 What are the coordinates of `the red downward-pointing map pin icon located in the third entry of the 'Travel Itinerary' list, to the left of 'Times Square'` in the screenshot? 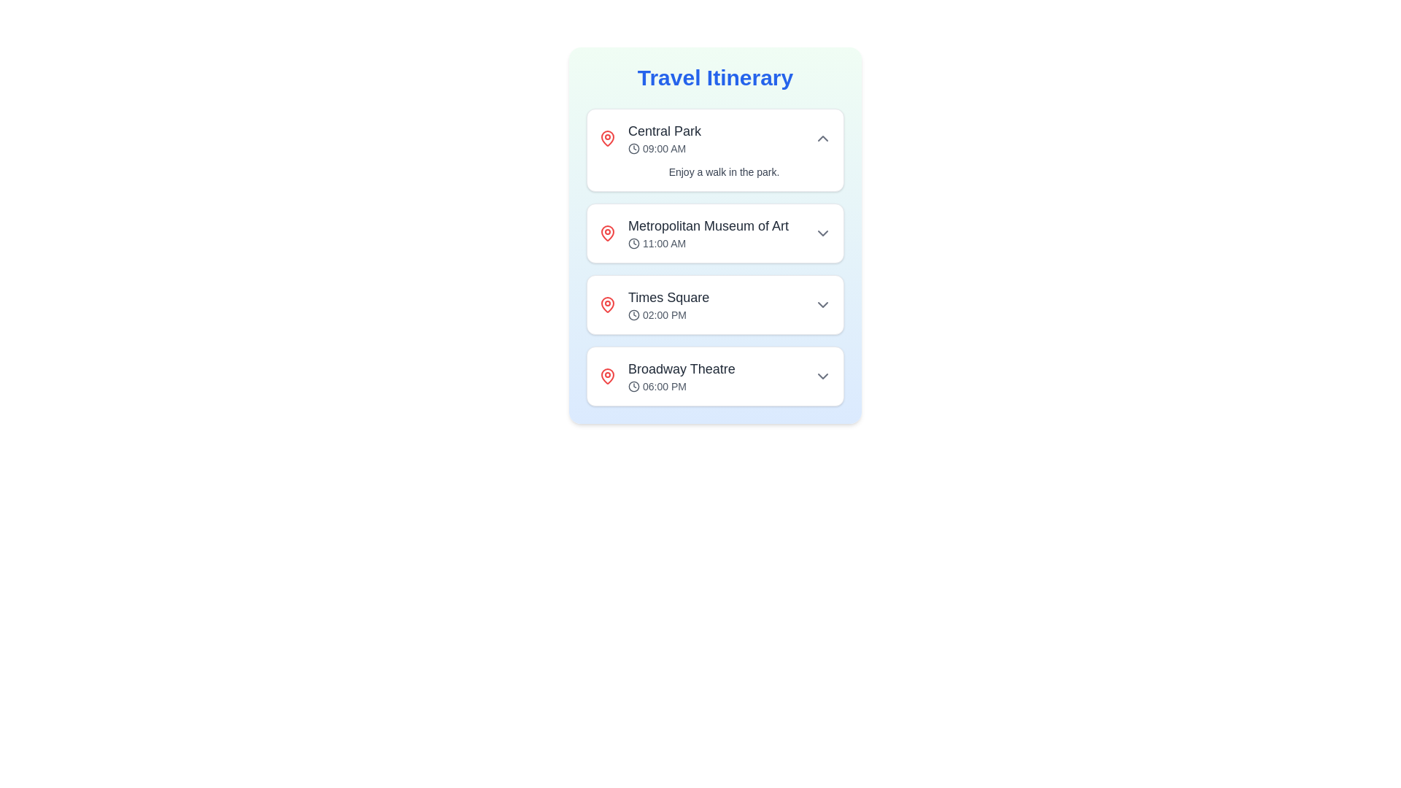 It's located at (608, 303).